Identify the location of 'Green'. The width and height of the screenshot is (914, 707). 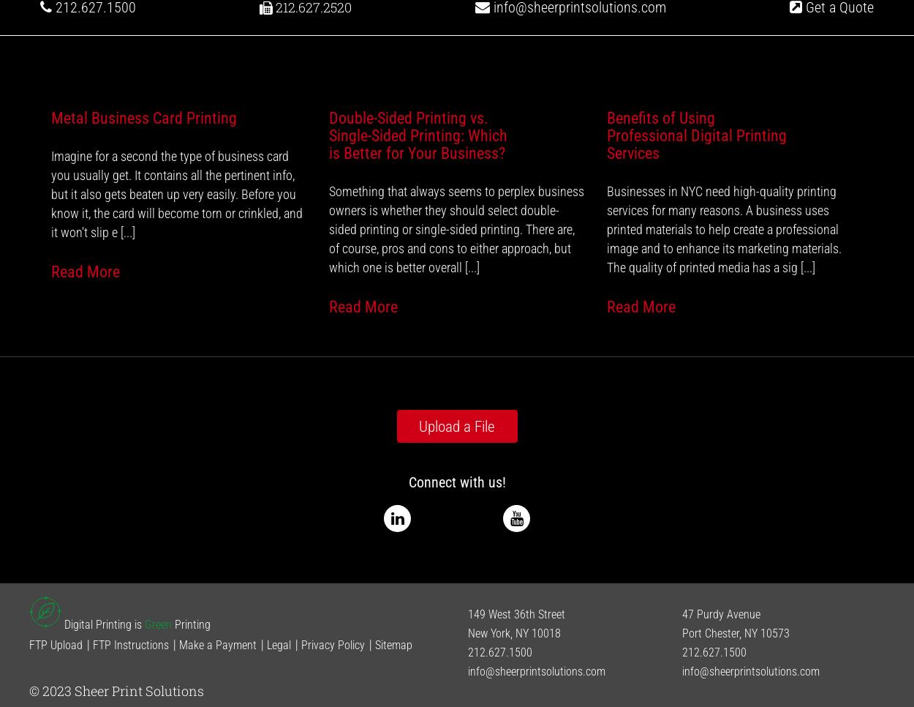
(157, 623).